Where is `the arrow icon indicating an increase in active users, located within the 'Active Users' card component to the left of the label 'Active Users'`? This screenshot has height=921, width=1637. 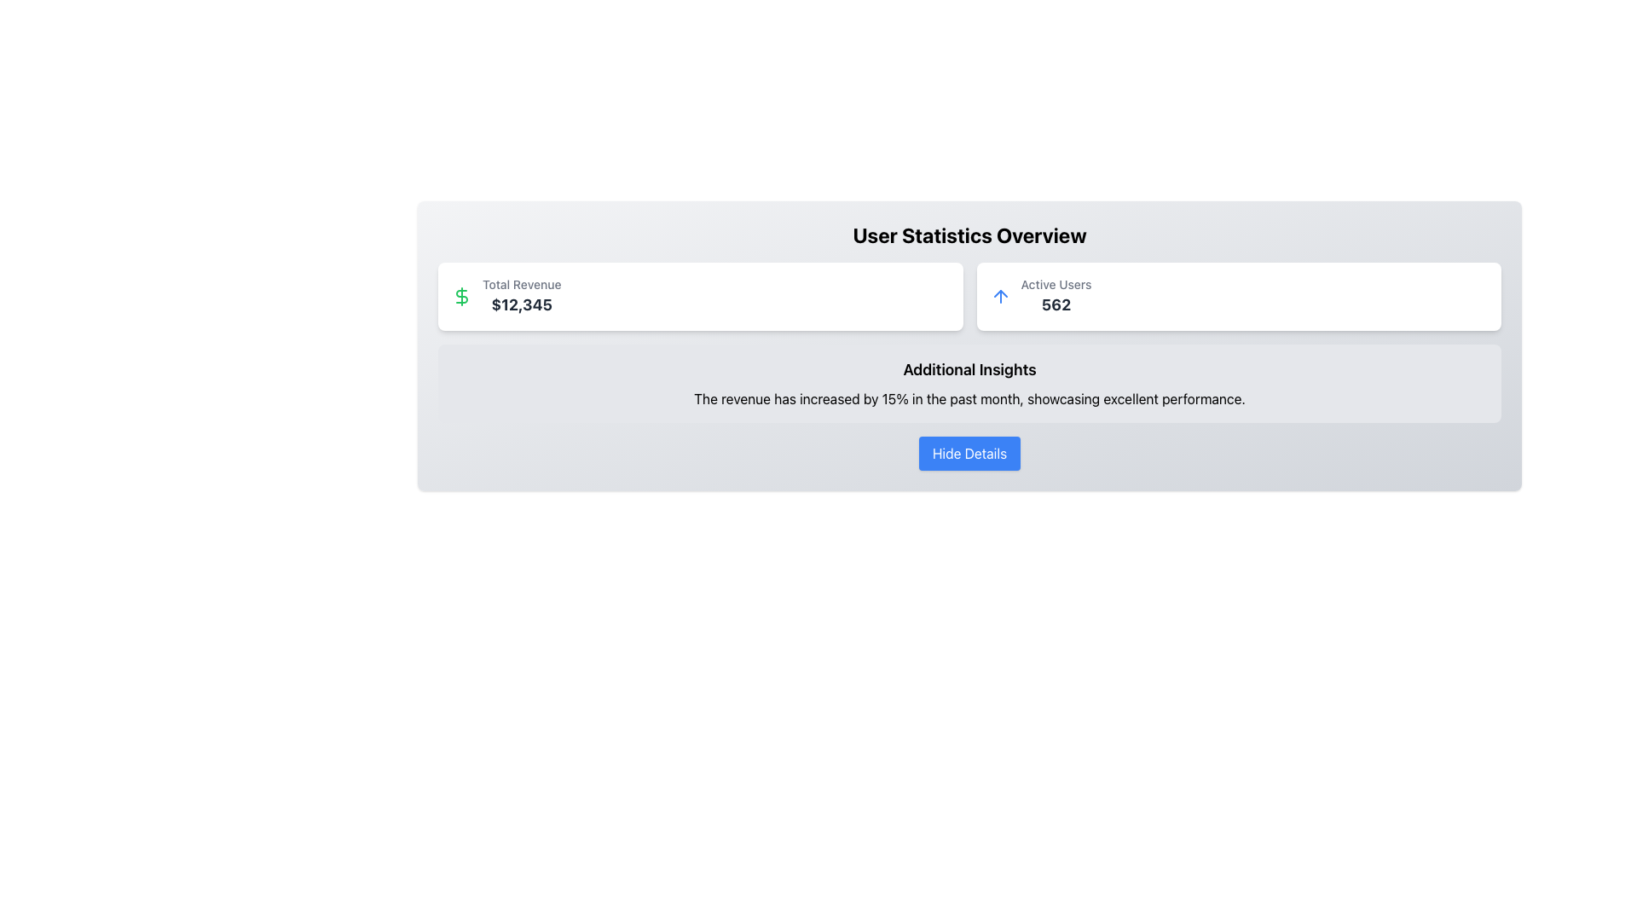
the arrow icon indicating an increase in active users, located within the 'Active Users' card component to the left of the label 'Active Users' is located at coordinates (1000, 295).